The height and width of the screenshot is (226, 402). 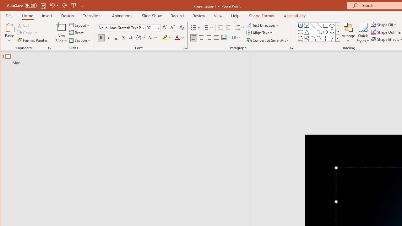 What do you see at coordinates (325, 25) in the screenshot?
I see `'Rectangle'` at bounding box center [325, 25].